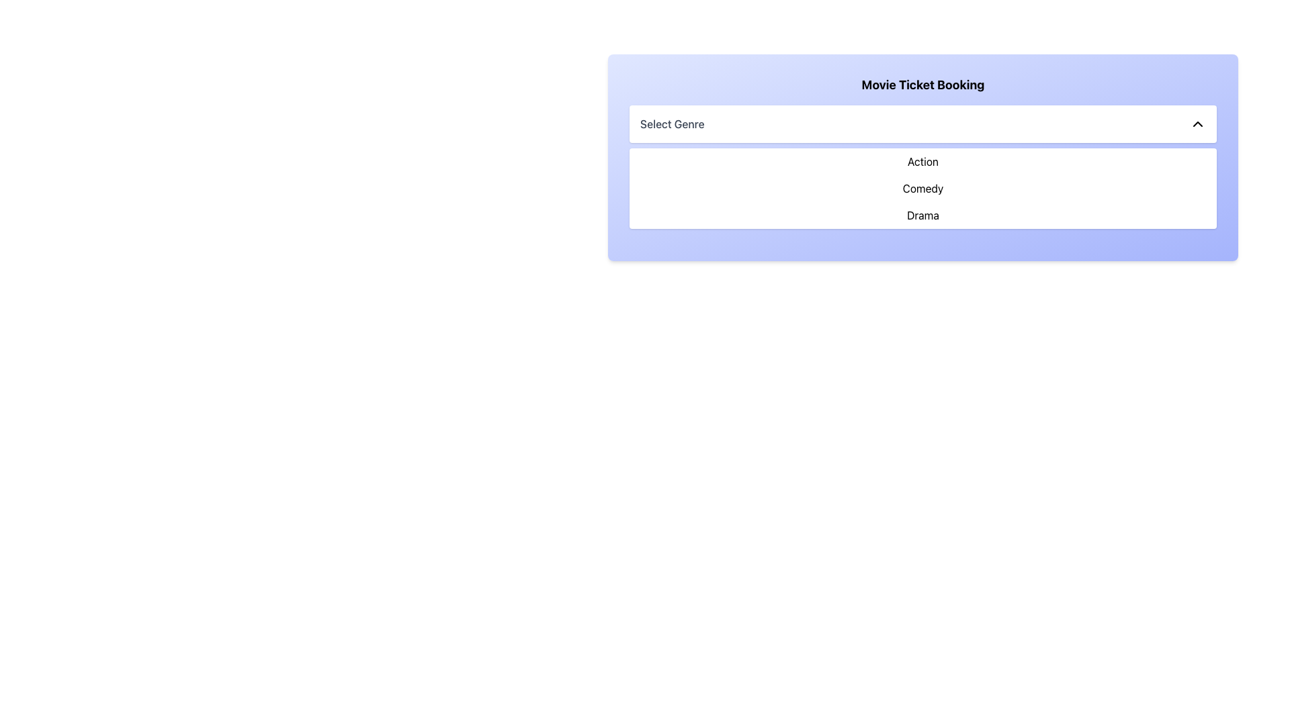 This screenshot has height=725, width=1290. What do you see at coordinates (922, 189) in the screenshot?
I see `the selectable list item labeled 'Comedy' in the dropdown menu 'Select Genre' to activate its hover effect` at bounding box center [922, 189].